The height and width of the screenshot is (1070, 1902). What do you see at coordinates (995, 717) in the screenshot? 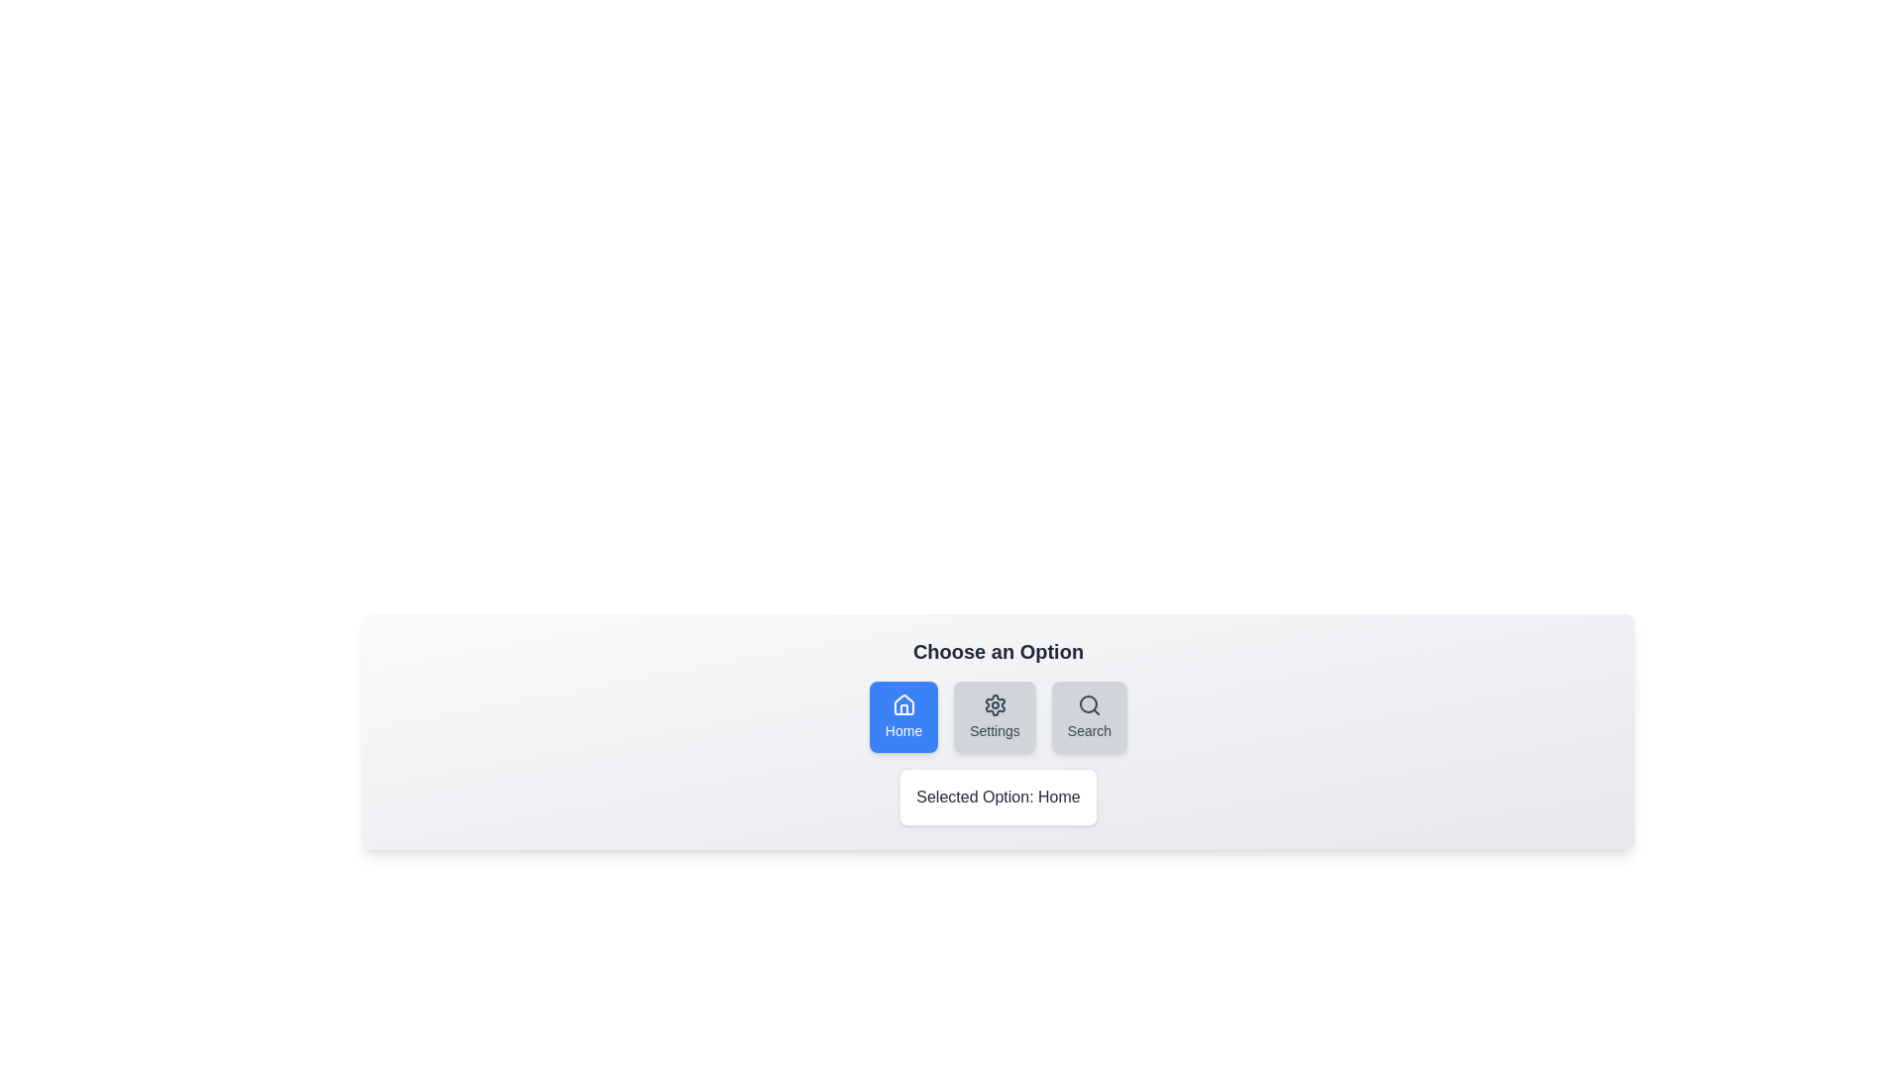
I see `the option Settings by clicking on its corresponding button` at bounding box center [995, 717].